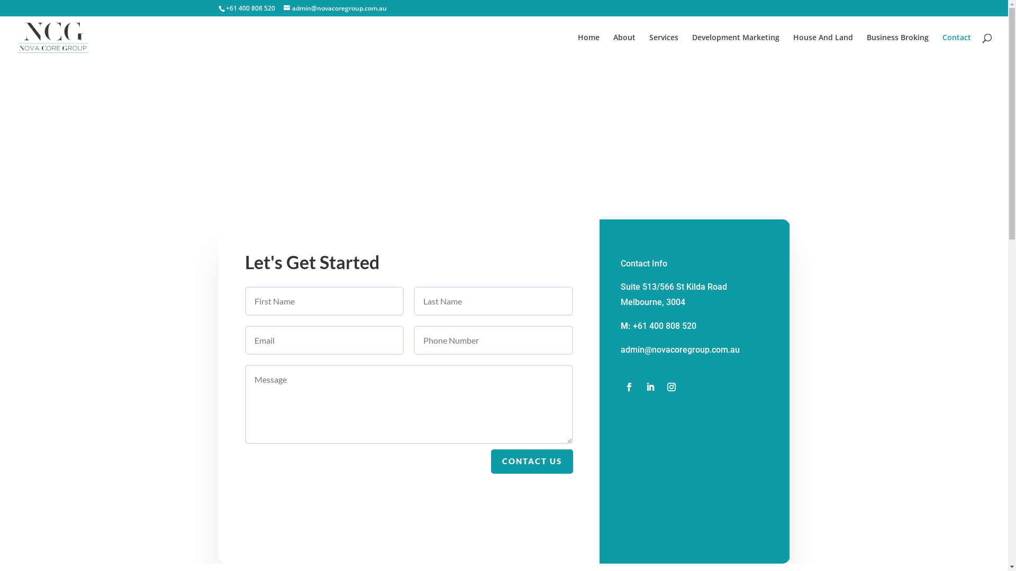  What do you see at coordinates (588, 45) in the screenshot?
I see `'Home'` at bounding box center [588, 45].